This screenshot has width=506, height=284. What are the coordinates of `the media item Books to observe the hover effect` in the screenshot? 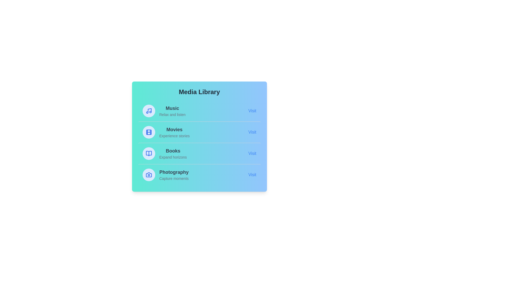 It's located at (199, 153).